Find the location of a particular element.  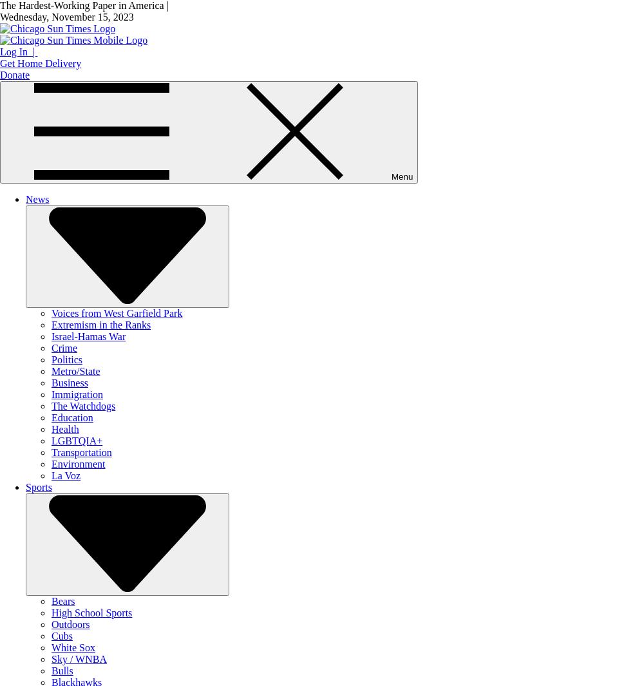

'Crime' is located at coordinates (64, 348).